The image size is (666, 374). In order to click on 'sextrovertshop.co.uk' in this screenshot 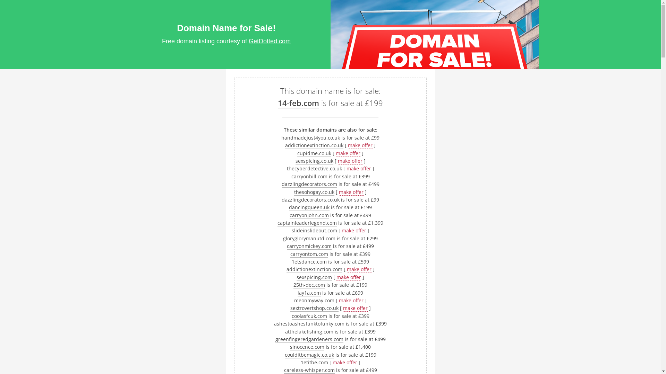, I will do `click(314, 308)`.